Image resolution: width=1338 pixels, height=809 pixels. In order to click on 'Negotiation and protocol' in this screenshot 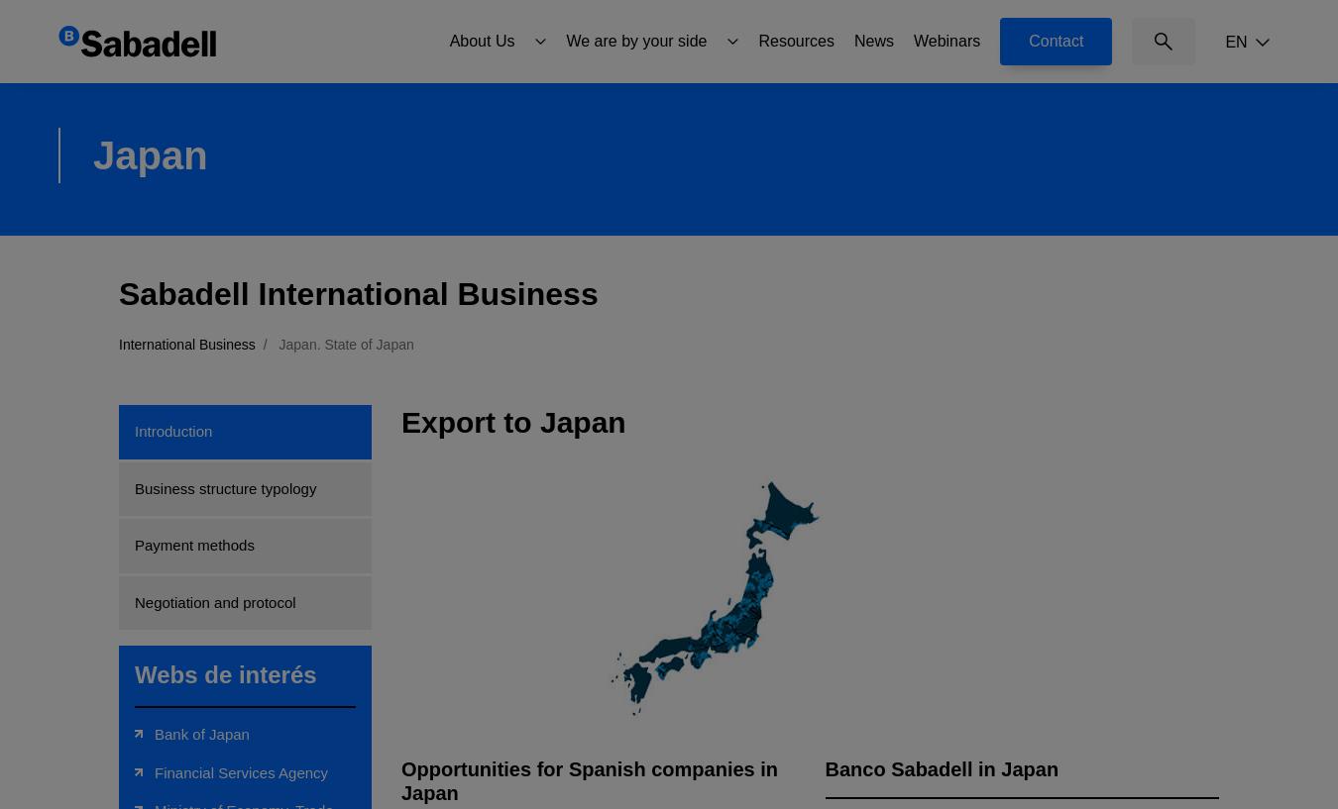, I will do `click(214, 601)`.